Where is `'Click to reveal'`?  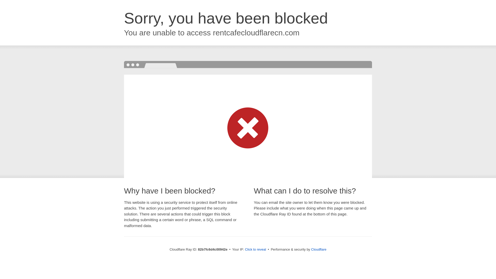 'Click to reveal' is located at coordinates (255, 249).